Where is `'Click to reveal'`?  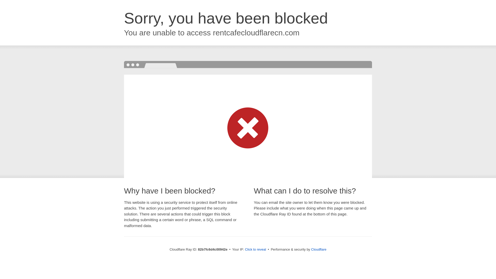 'Click to reveal' is located at coordinates (255, 249).